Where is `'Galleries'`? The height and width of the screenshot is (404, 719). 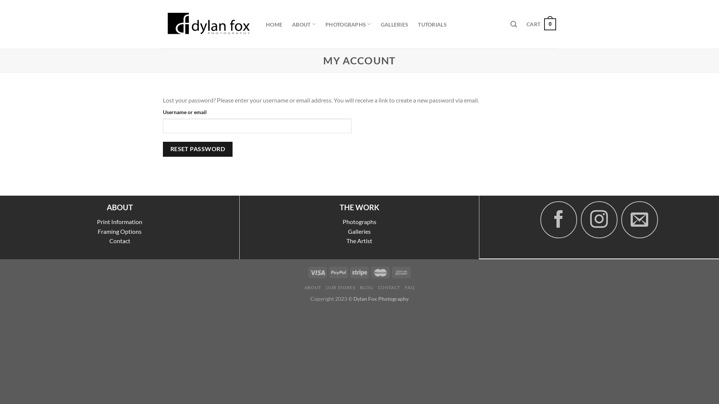
'Galleries' is located at coordinates (359, 231).